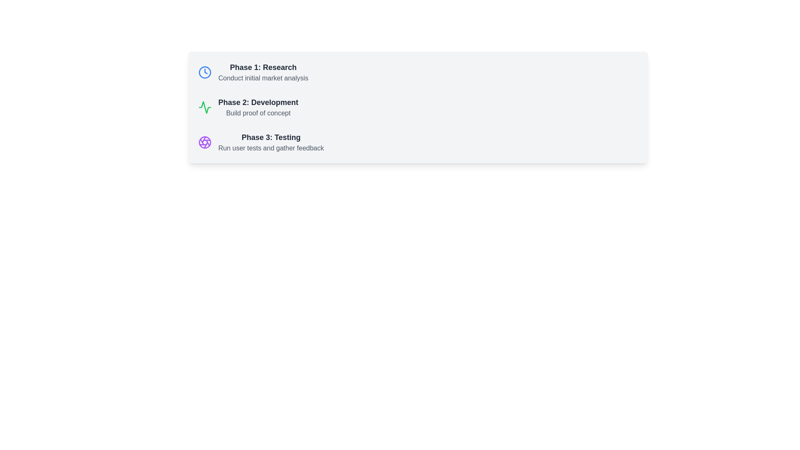 The height and width of the screenshot is (450, 800). Describe the element at coordinates (205, 107) in the screenshot. I see `the Vector icon representing 'Phase 2: Development', which visually indicates the concept of activity or progress` at that location.